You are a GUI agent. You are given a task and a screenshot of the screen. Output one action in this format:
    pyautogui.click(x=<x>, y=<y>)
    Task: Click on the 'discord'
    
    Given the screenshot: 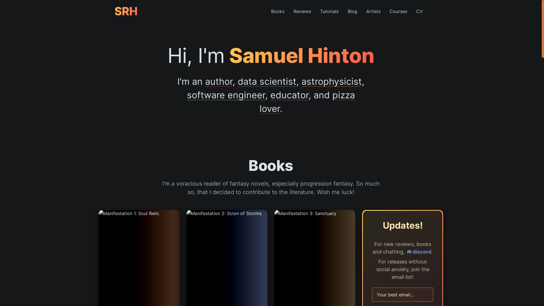 What is the action you would take?
    pyautogui.click(x=418, y=251)
    